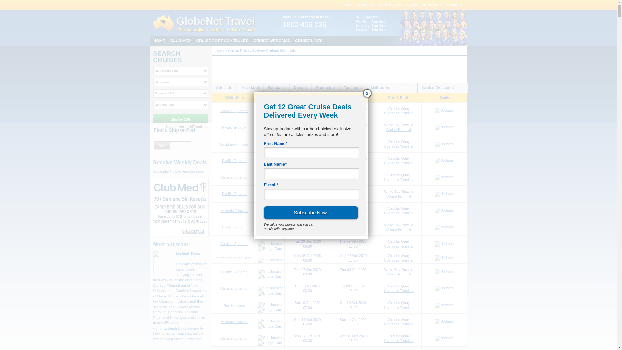  What do you see at coordinates (271, 110) in the screenshot?
I see `'Ship location'` at bounding box center [271, 110].